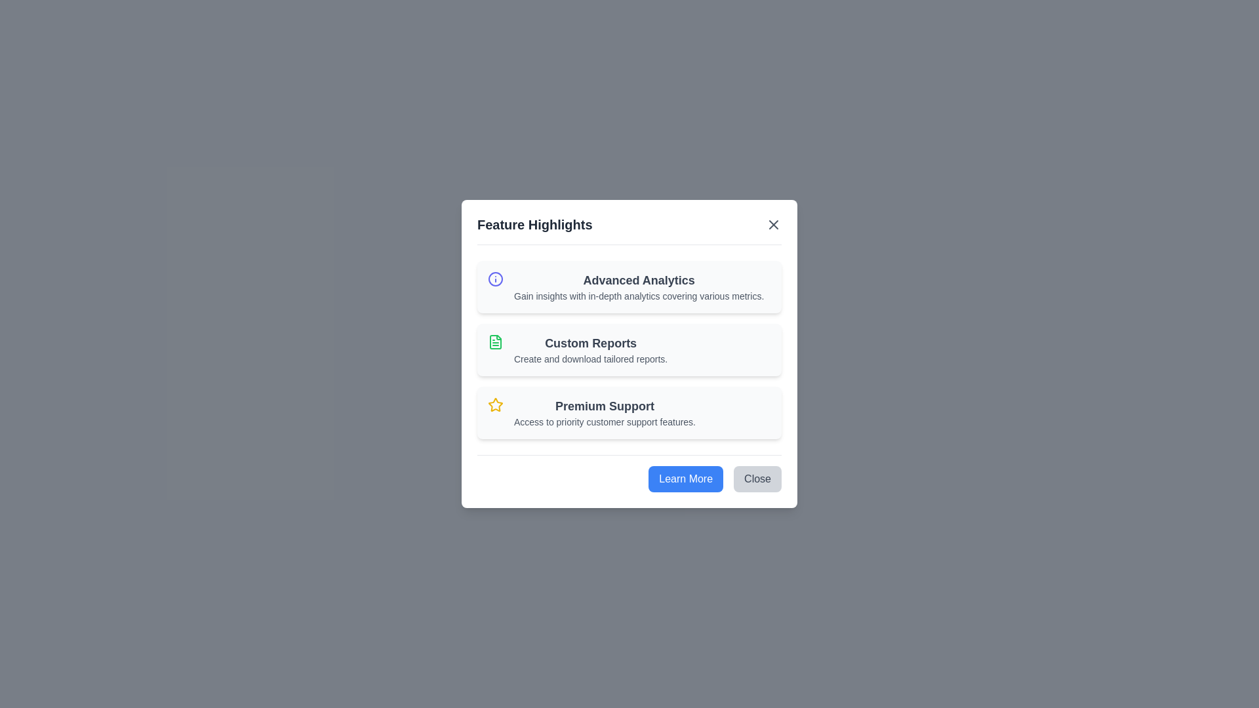 The image size is (1259, 708). Describe the element at coordinates (494, 404) in the screenshot. I see `the star icon that indicates 'Premium Support' in the dialog box, located at the far left of the 'Premium Support' section` at that location.